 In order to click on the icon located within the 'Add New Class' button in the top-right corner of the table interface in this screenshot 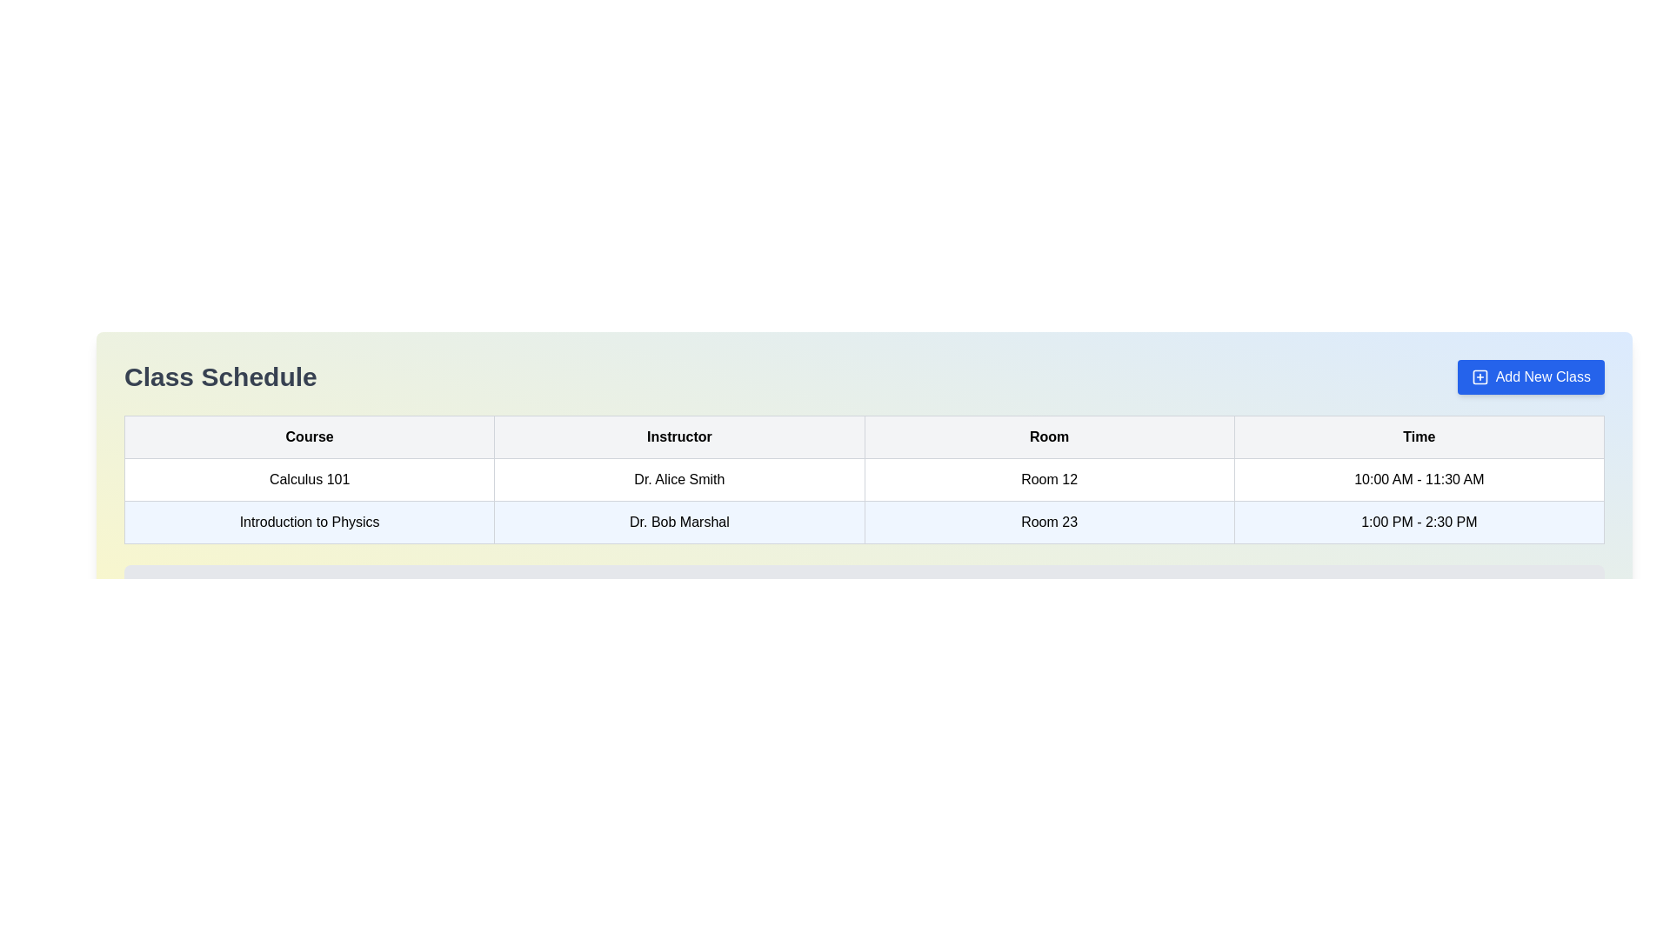, I will do `click(1479, 376)`.